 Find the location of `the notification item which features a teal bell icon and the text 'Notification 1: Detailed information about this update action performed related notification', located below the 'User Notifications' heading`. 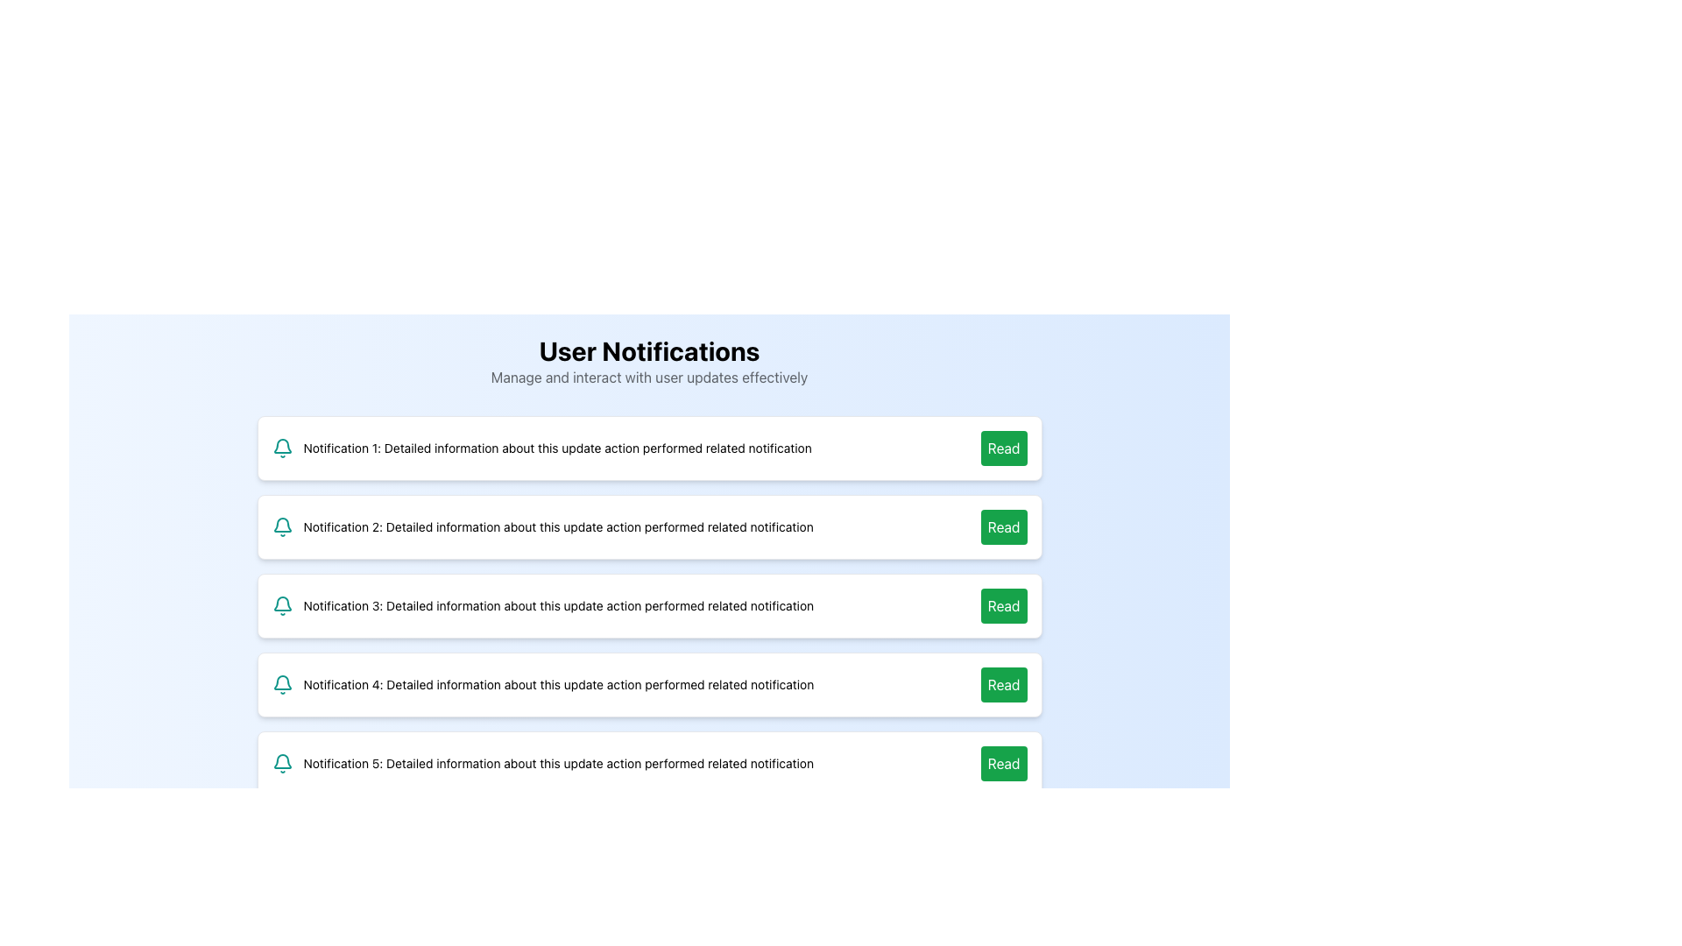

the notification item which features a teal bell icon and the text 'Notification 1: Detailed information about this update action performed related notification', located below the 'User Notifications' heading is located at coordinates (541, 448).